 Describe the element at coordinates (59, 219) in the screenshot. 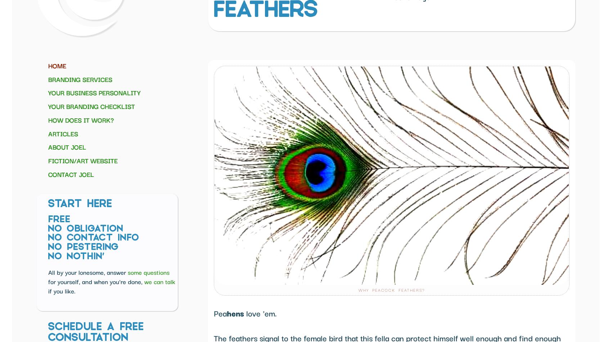

I see `'Free'` at that location.